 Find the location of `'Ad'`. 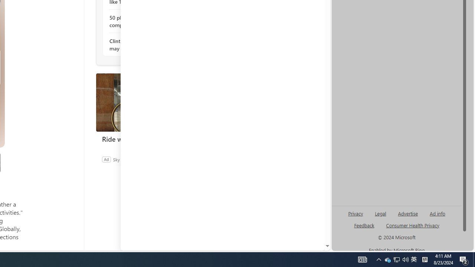

'Ad' is located at coordinates (106, 159).